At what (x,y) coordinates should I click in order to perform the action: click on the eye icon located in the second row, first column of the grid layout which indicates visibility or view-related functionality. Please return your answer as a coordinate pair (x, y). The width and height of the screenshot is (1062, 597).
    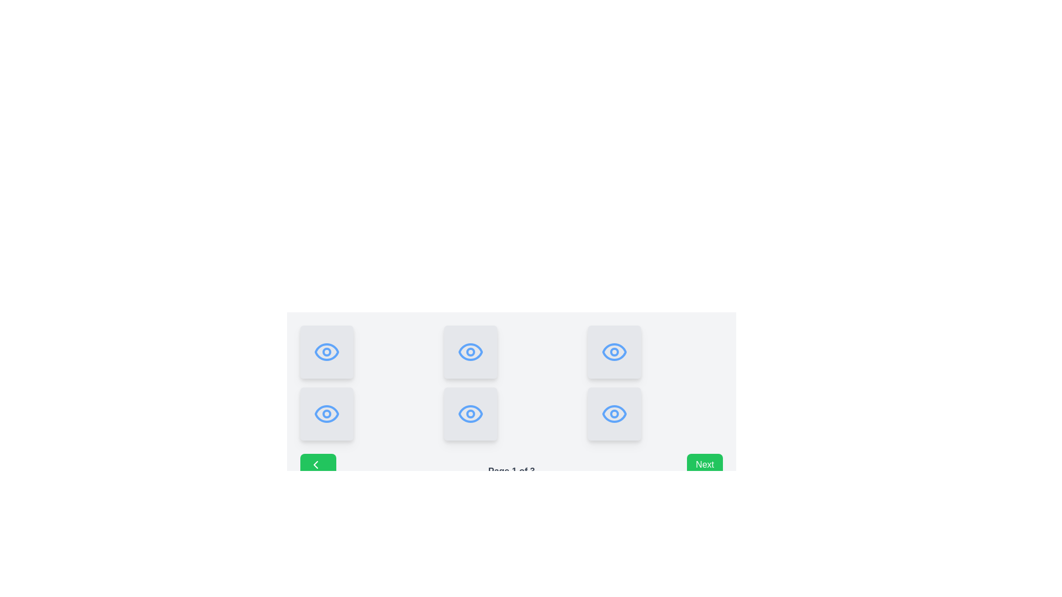
    Looking at the image, I should click on (326, 413).